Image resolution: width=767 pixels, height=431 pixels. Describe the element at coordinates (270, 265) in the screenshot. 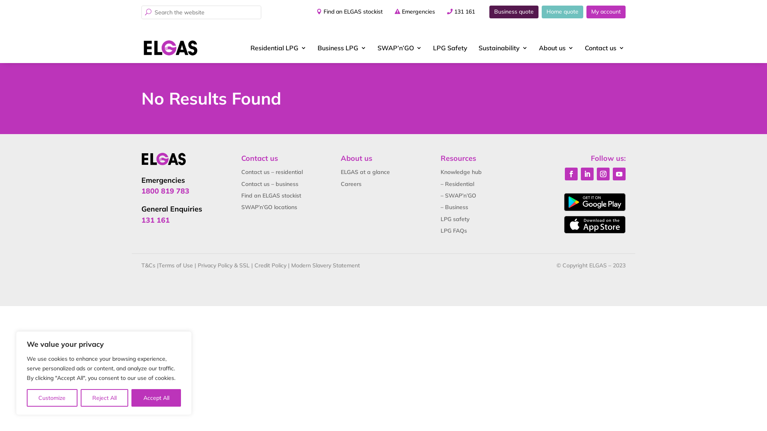

I see `'Credit Policy'` at that location.